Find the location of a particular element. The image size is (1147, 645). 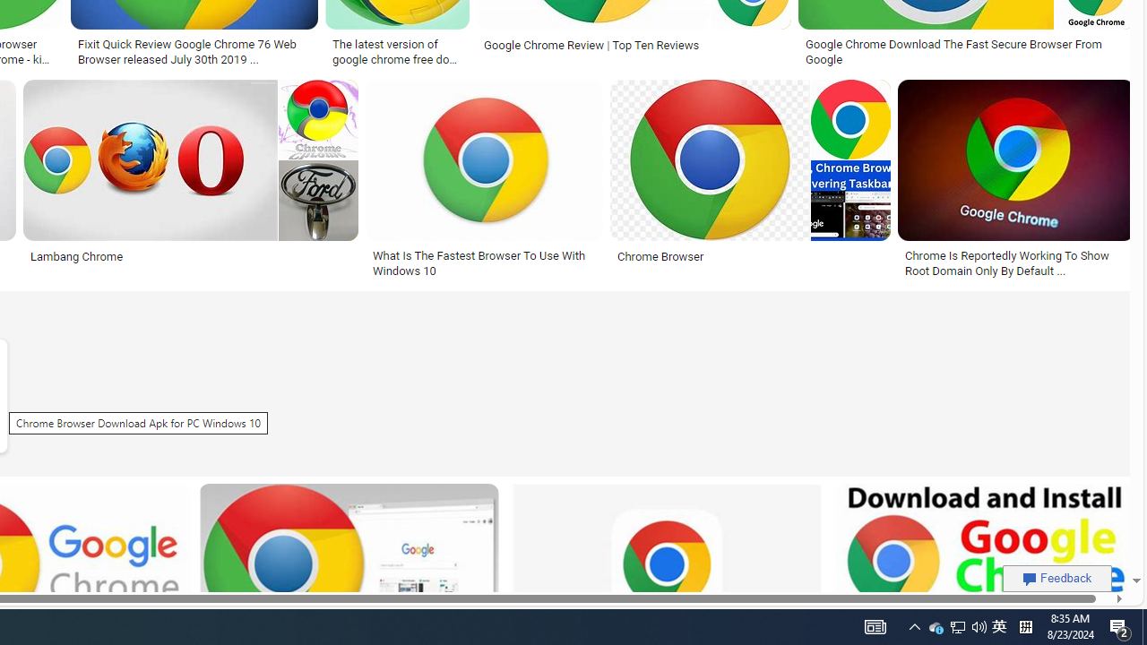

'What Is The Fastest Browser To Use With Windows 10Save' is located at coordinates (487, 182).